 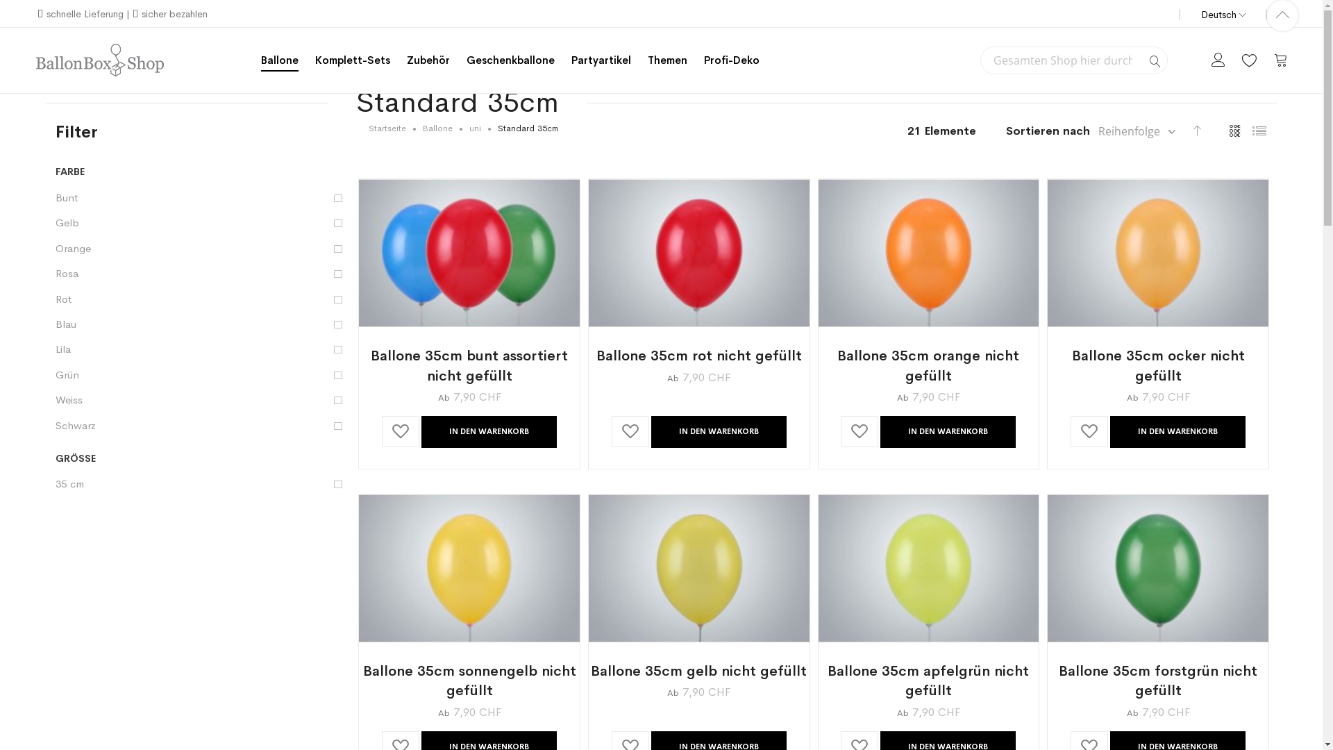 What do you see at coordinates (353, 59) in the screenshot?
I see `'Komplett-Sets'` at bounding box center [353, 59].